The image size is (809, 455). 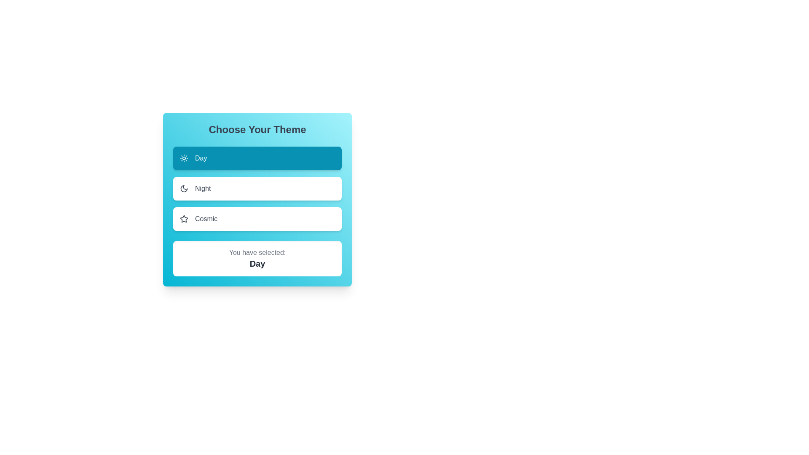 I want to click on the text label that reads 'Day', which is styled in white on a cyan background and positioned next to the 'Day' icon in the theme choices list, so click(x=201, y=158).